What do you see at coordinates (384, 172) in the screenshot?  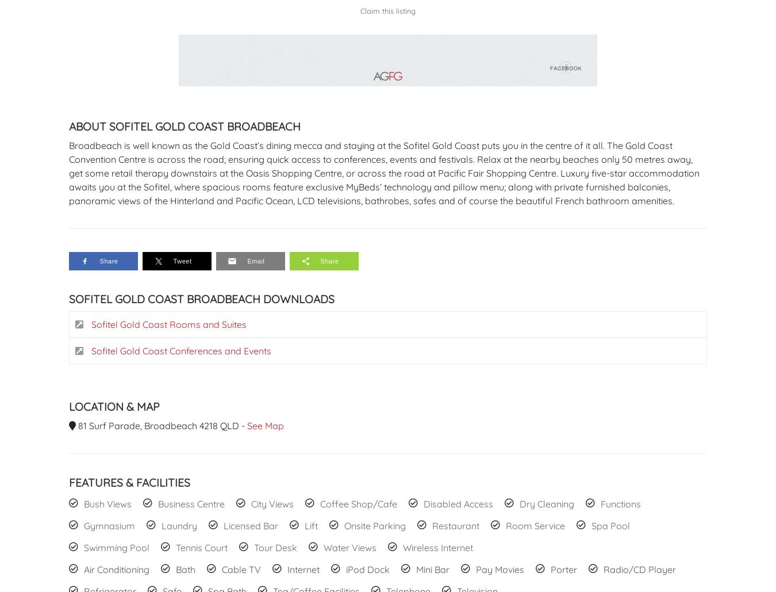 I see `'Broadbeach is well known as the Gold Coast’s dining mecca and staying at the Sofitel Gold Coast puts you in the centre of it all. The Gold Coast Convention Centre is across the road; ensuring quick access to conferences, events and festivals. Relax at the nearby beaches only 50 metres away, get some retail therapy downstairs at the Oasis Shopping Centre, or across the road at Pacific Fair Shopping Centre. Luxury five-star accommodation awaits you at the Sofitel, where spacious rooms feature exclusive MyBeds’ technology and pillow menu; along with private furnished balconies, panoramic views of the Hinterland and Pacific Ocean, LCD televisions, bathrobes, safes and of course the beautiful French bathroom amenities.'` at bounding box center [384, 172].